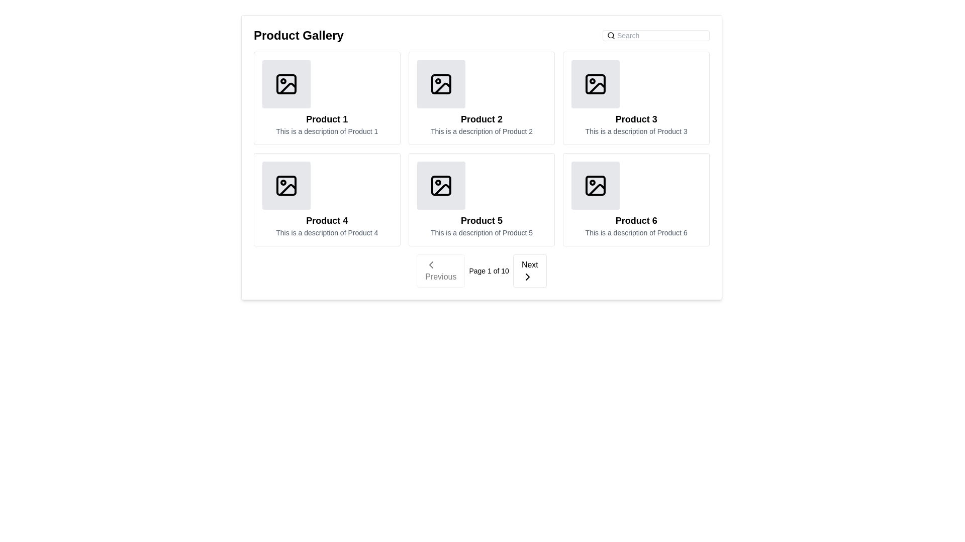 The image size is (965, 542). I want to click on the icon depicting a mountain and circle, located in the first row and third column of the 'Product Gallery', to interact with it, so click(596, 84).